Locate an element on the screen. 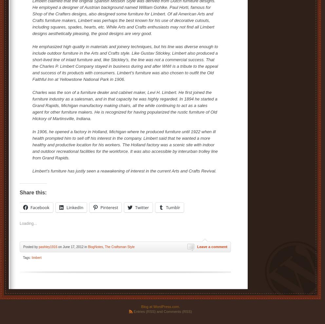  'on June 17, 2012 in' is located at coordinates (56, 246).